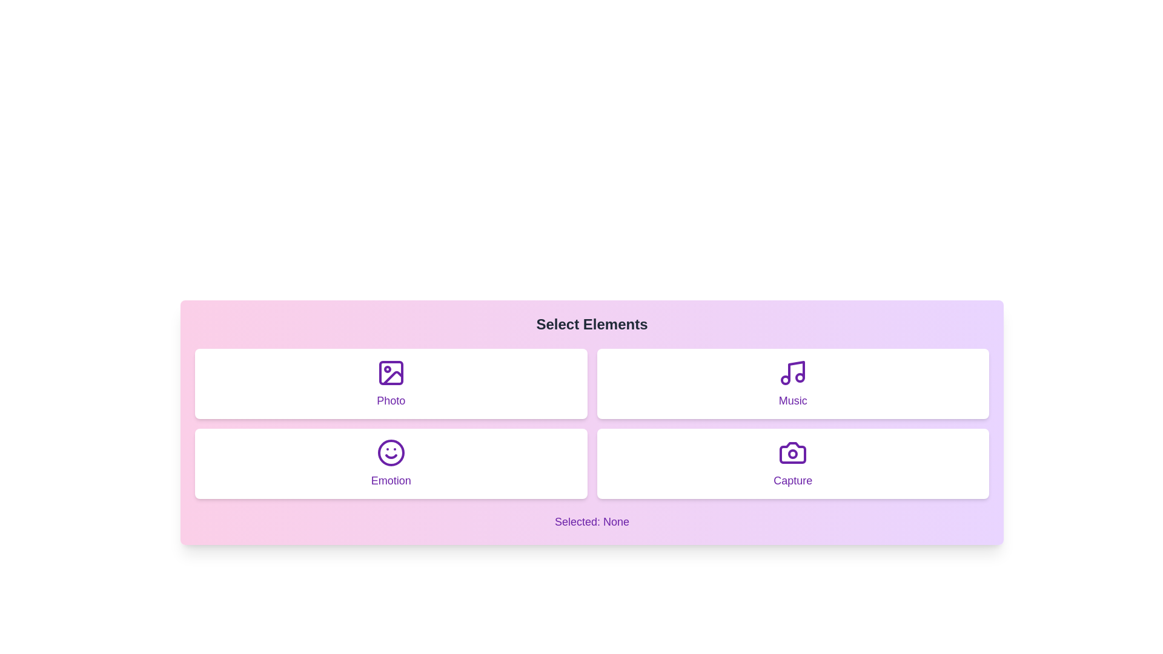  Describe the element at coordinates (391, 383) in the screenshot. I see `the element Photo by clicking on its corresponding button` at that location.